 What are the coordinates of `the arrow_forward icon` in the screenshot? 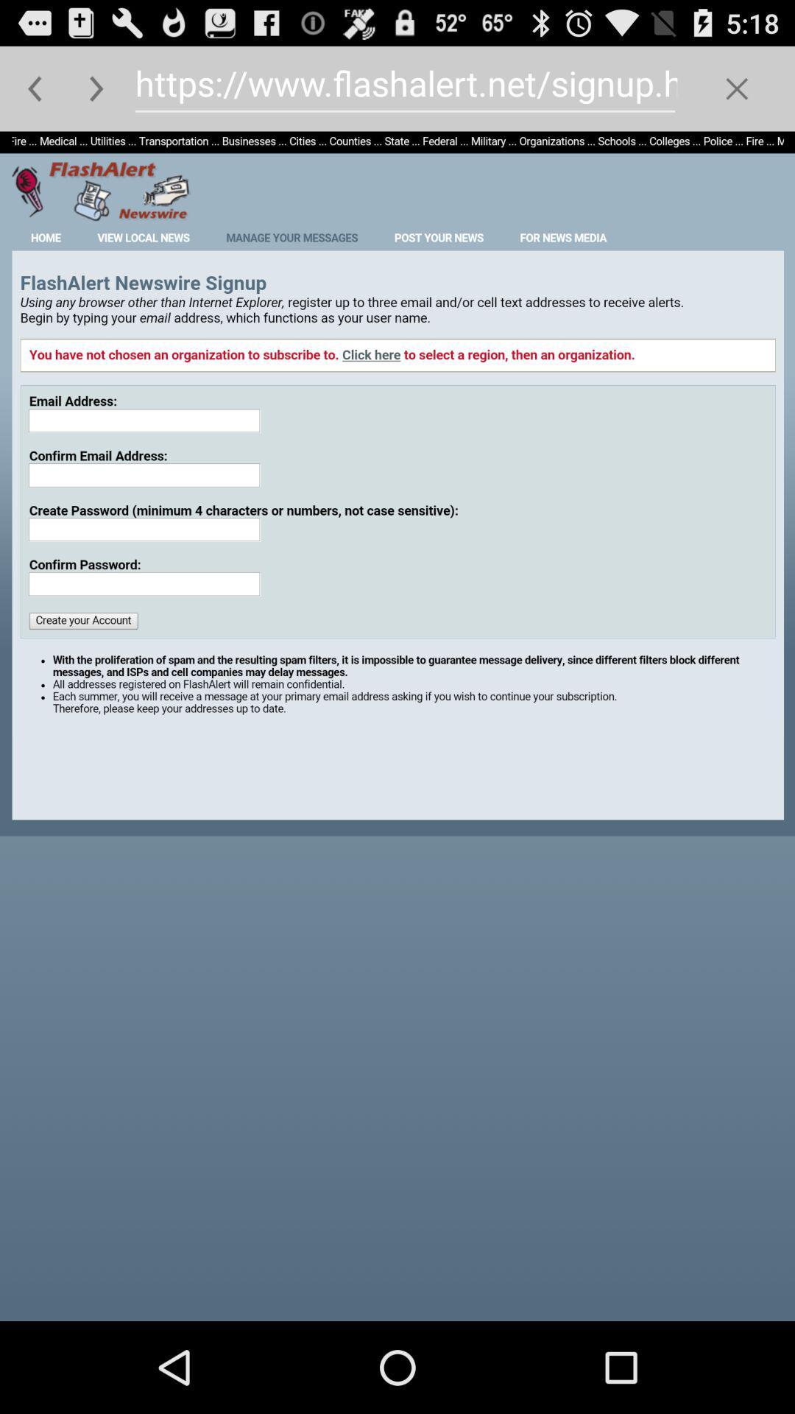 It's located at (96, 94).